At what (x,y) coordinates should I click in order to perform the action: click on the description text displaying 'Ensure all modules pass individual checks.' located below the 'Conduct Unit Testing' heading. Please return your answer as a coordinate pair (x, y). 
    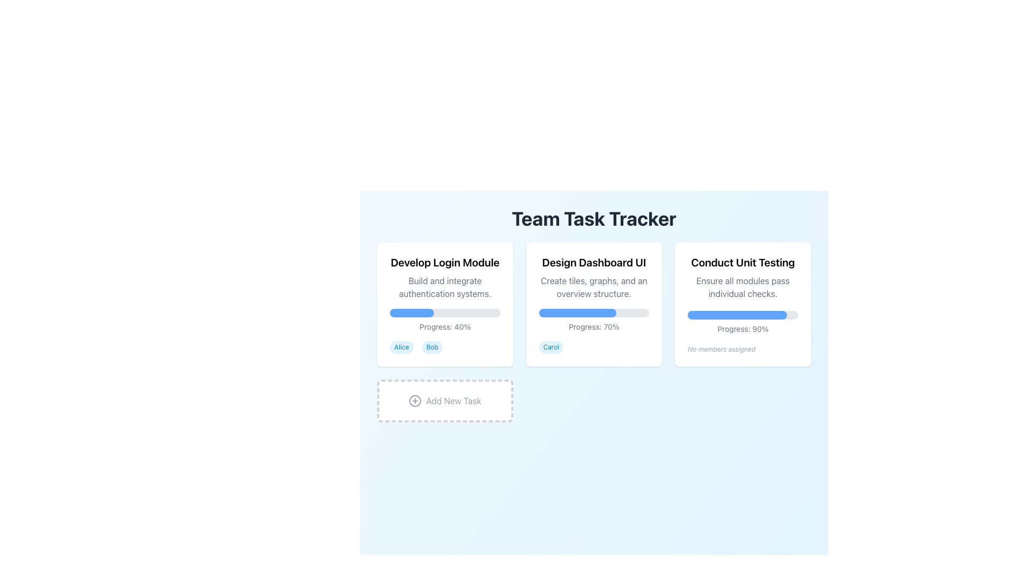
    Looking at the image, I should click on (742, 287).